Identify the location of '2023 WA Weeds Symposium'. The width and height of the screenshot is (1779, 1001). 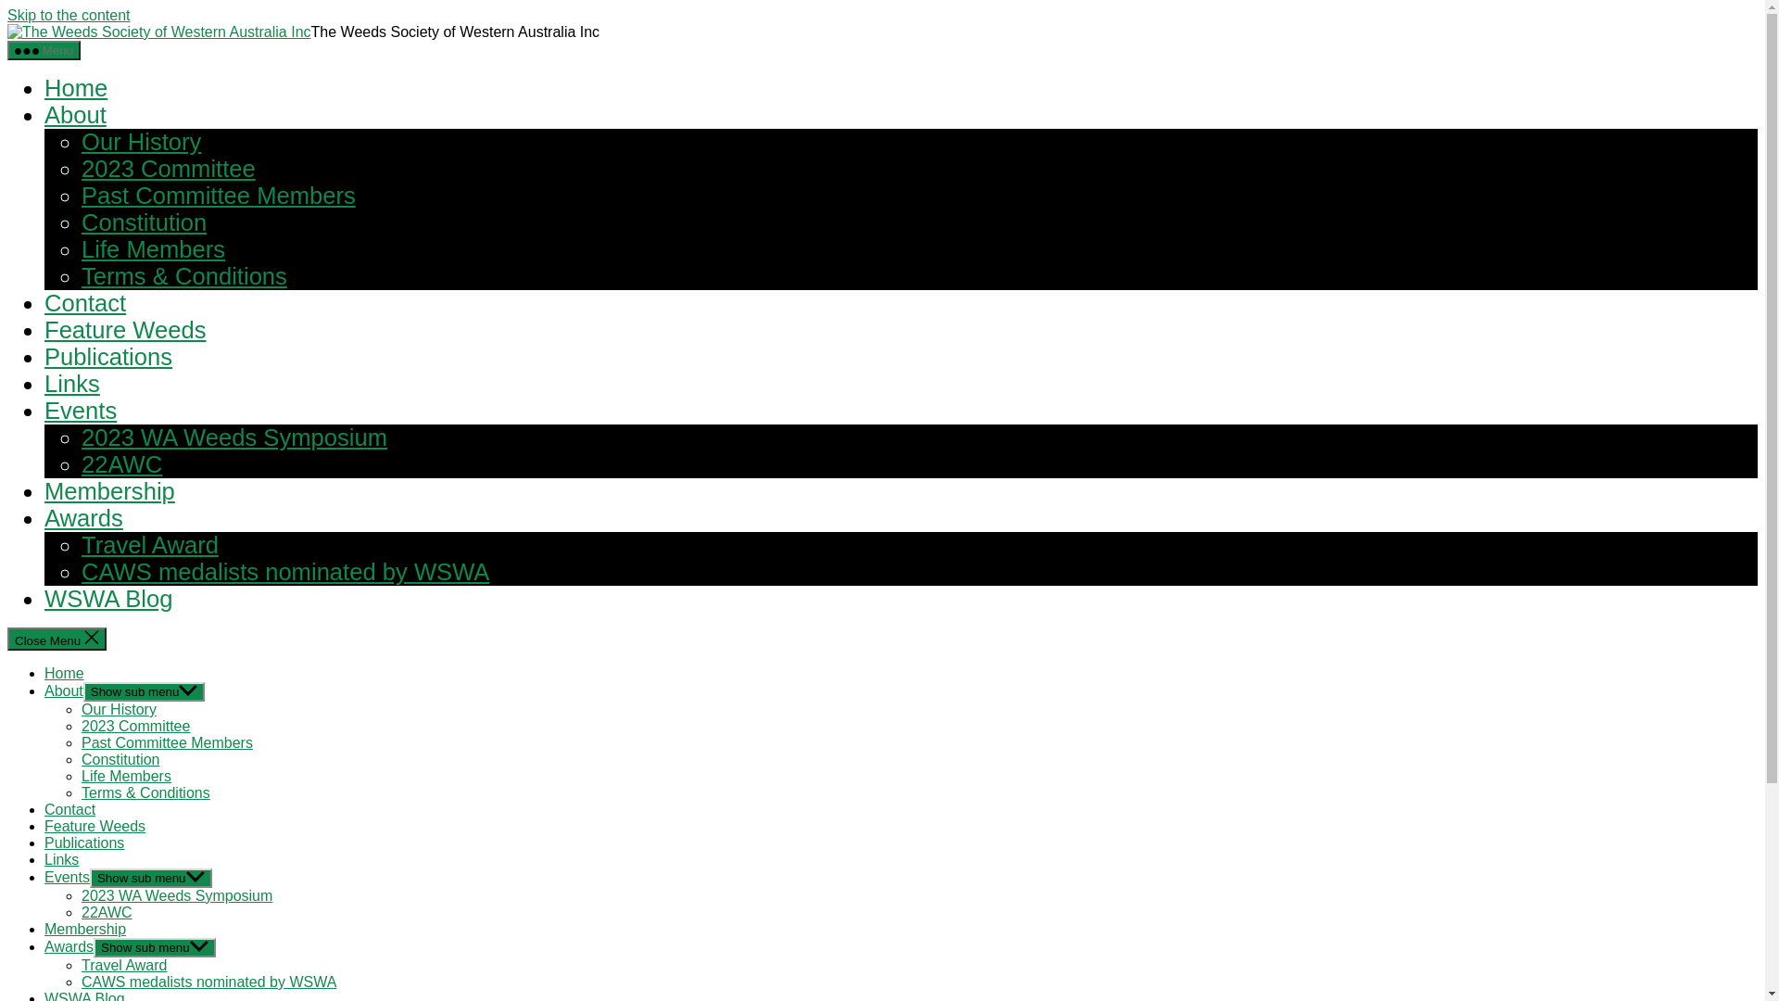
(233, 437).